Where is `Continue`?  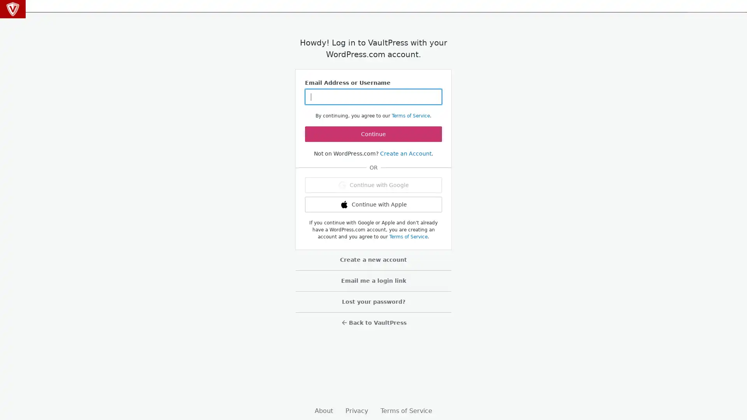 Continue is located at coordinates (373, 133).